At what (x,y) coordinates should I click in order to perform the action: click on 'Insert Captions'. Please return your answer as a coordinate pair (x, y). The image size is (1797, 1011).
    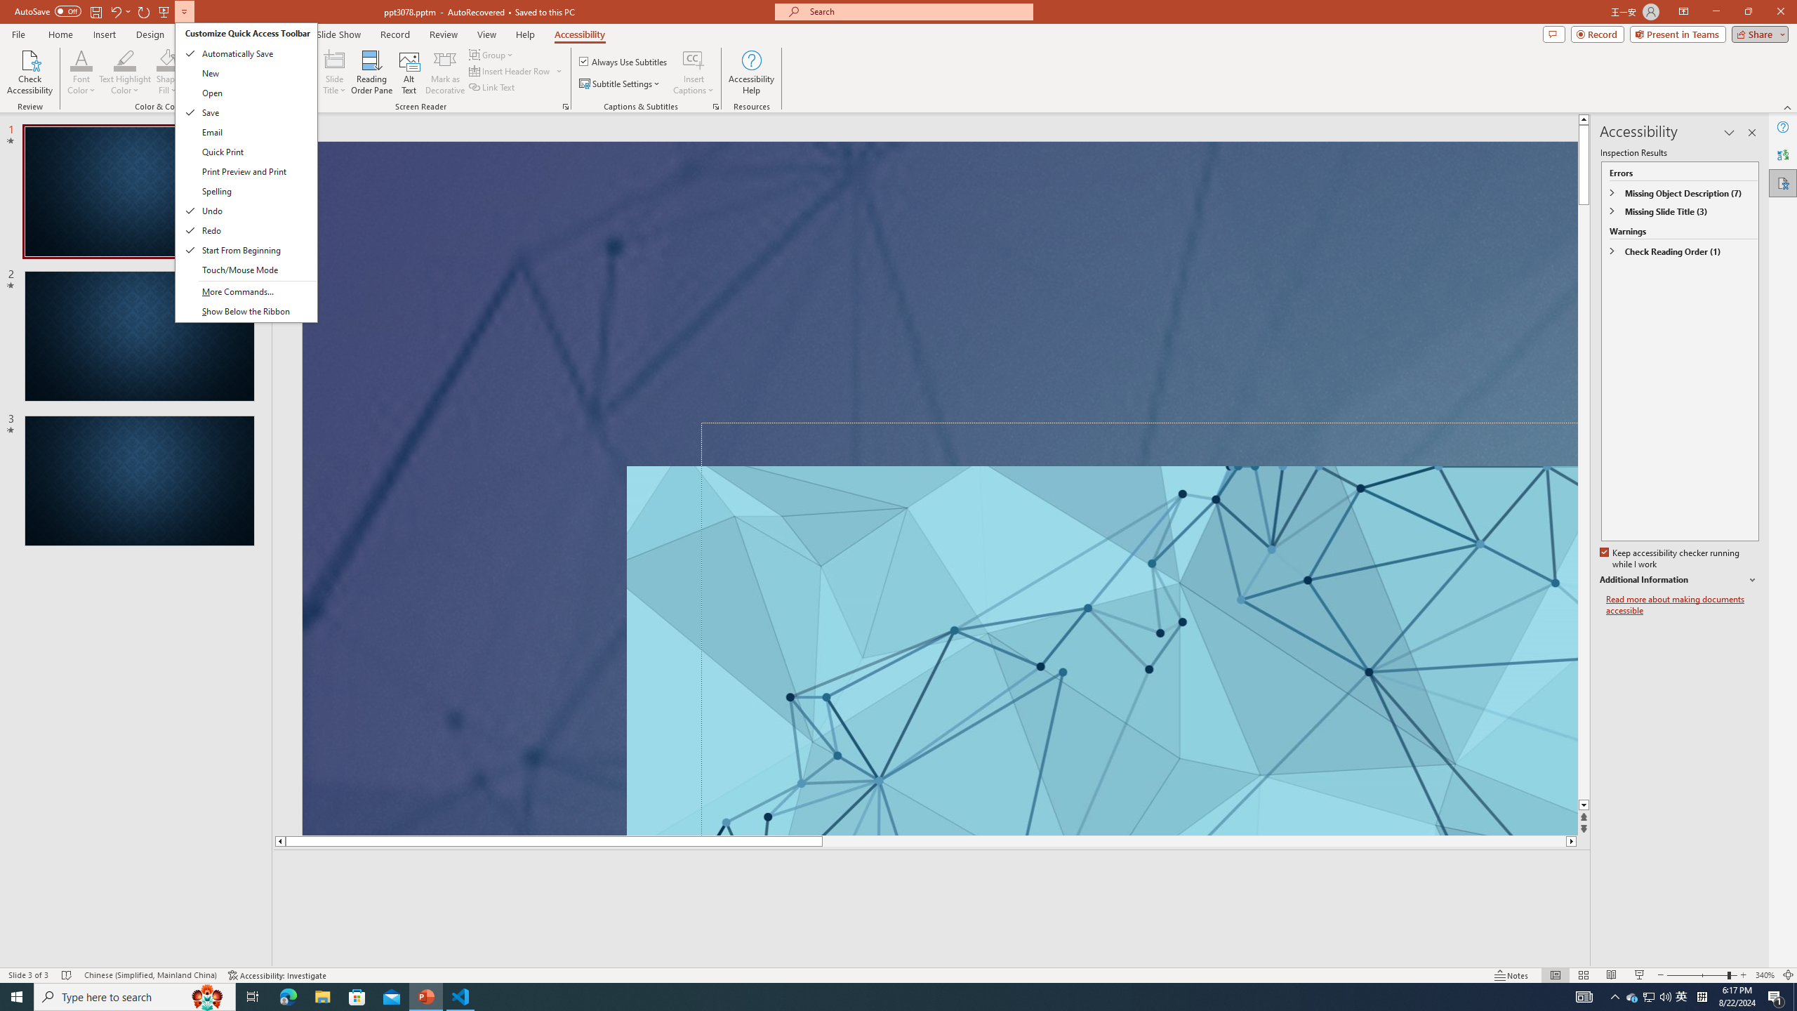
    Looking at the image, I should click on (693, 72).